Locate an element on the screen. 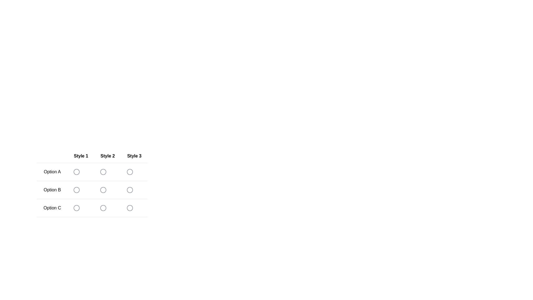 Image resolution: width=533 pixels, height=300 pixels. the selectable circular indicator element with a gray outline located in the 'Style 2' column of the 'Option C' row in the grid is located at coordinates (103, 208).